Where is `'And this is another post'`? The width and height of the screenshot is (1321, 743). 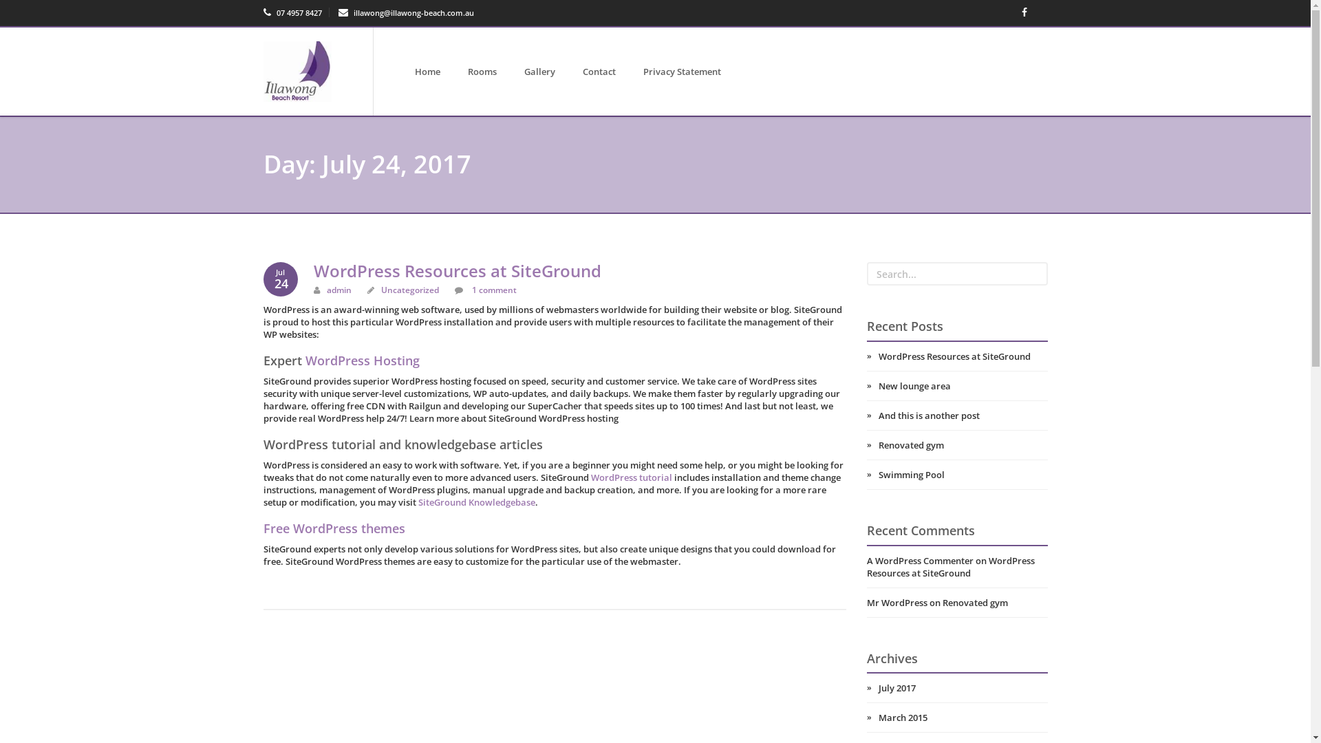
'And this is another post' is located at coordinates (866, 415).